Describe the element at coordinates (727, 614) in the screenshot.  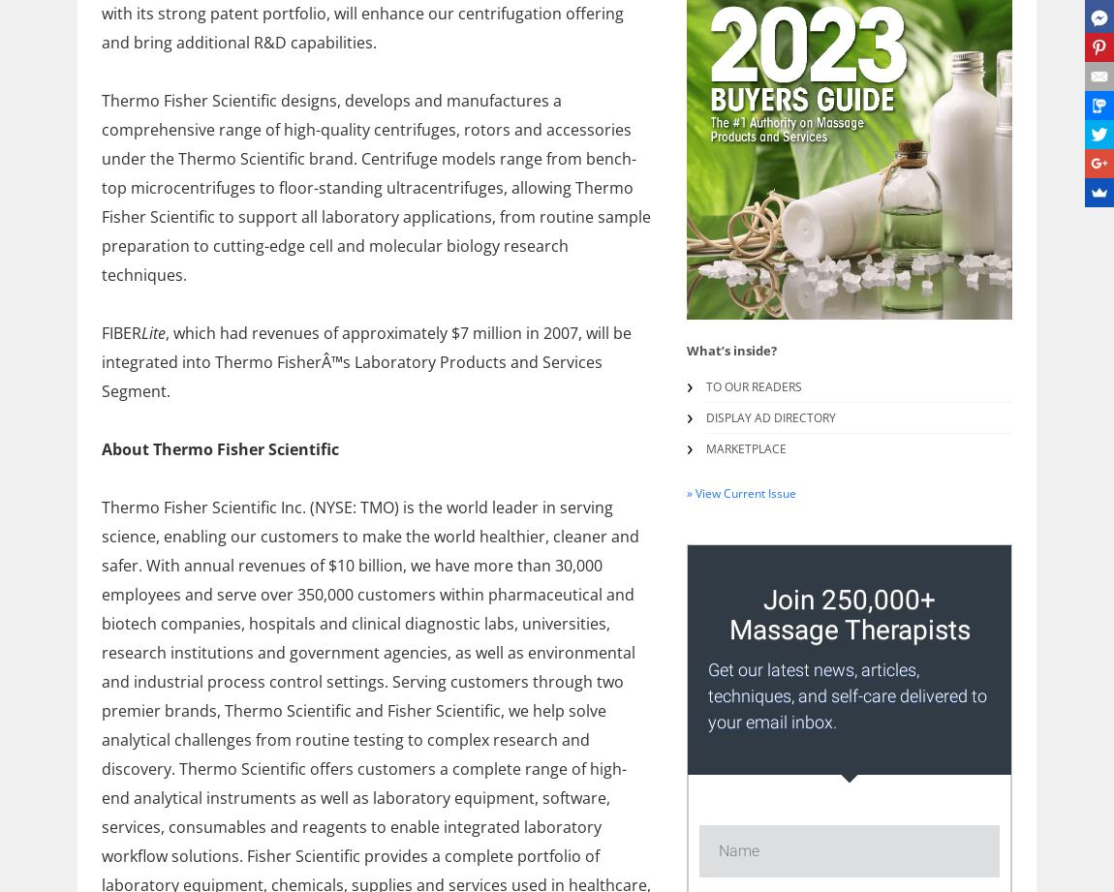
I see `'Join 250,000+ Massage Therapists'` at that location.